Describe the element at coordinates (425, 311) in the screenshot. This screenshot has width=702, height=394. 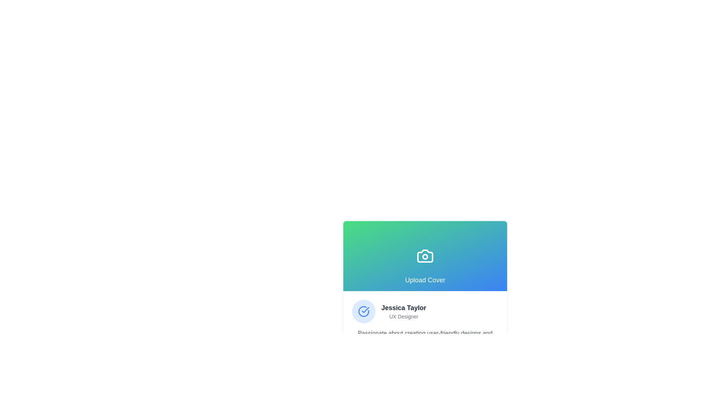
I see `the Profile Summary Section` at that location.